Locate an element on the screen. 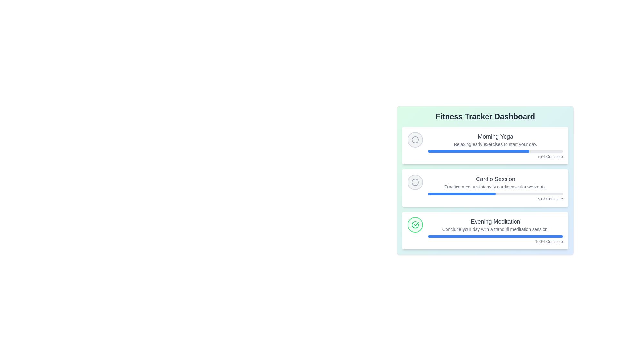 This screenshot has height=348, width=619. the progress information on the second informational card in the fitness tracker dashboard, which displays the progress report for a cardio session is located at coordinates (485, 188).